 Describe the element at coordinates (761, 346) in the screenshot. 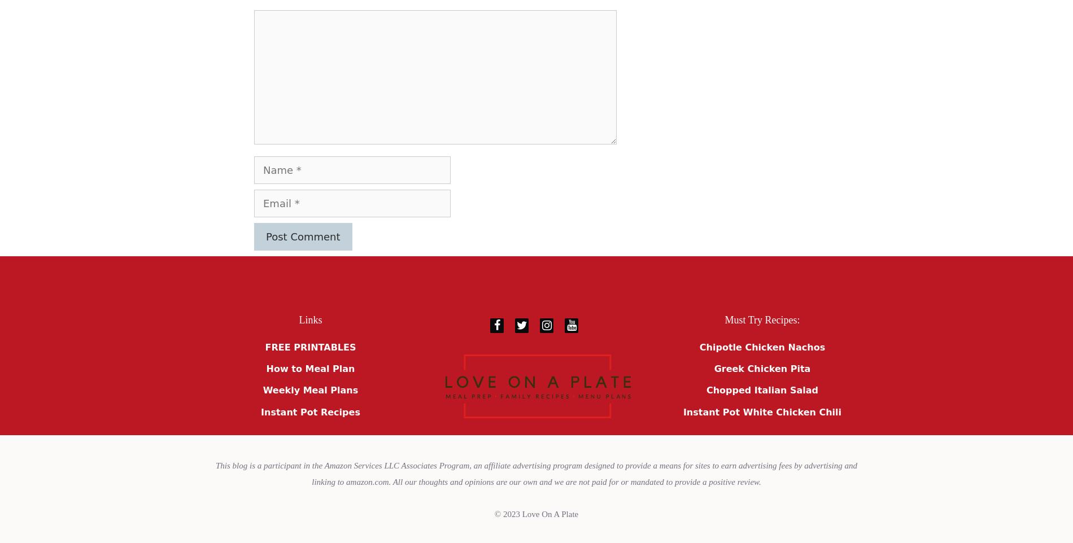

I see `'Chipotle Chicken Nachos'` at that location.